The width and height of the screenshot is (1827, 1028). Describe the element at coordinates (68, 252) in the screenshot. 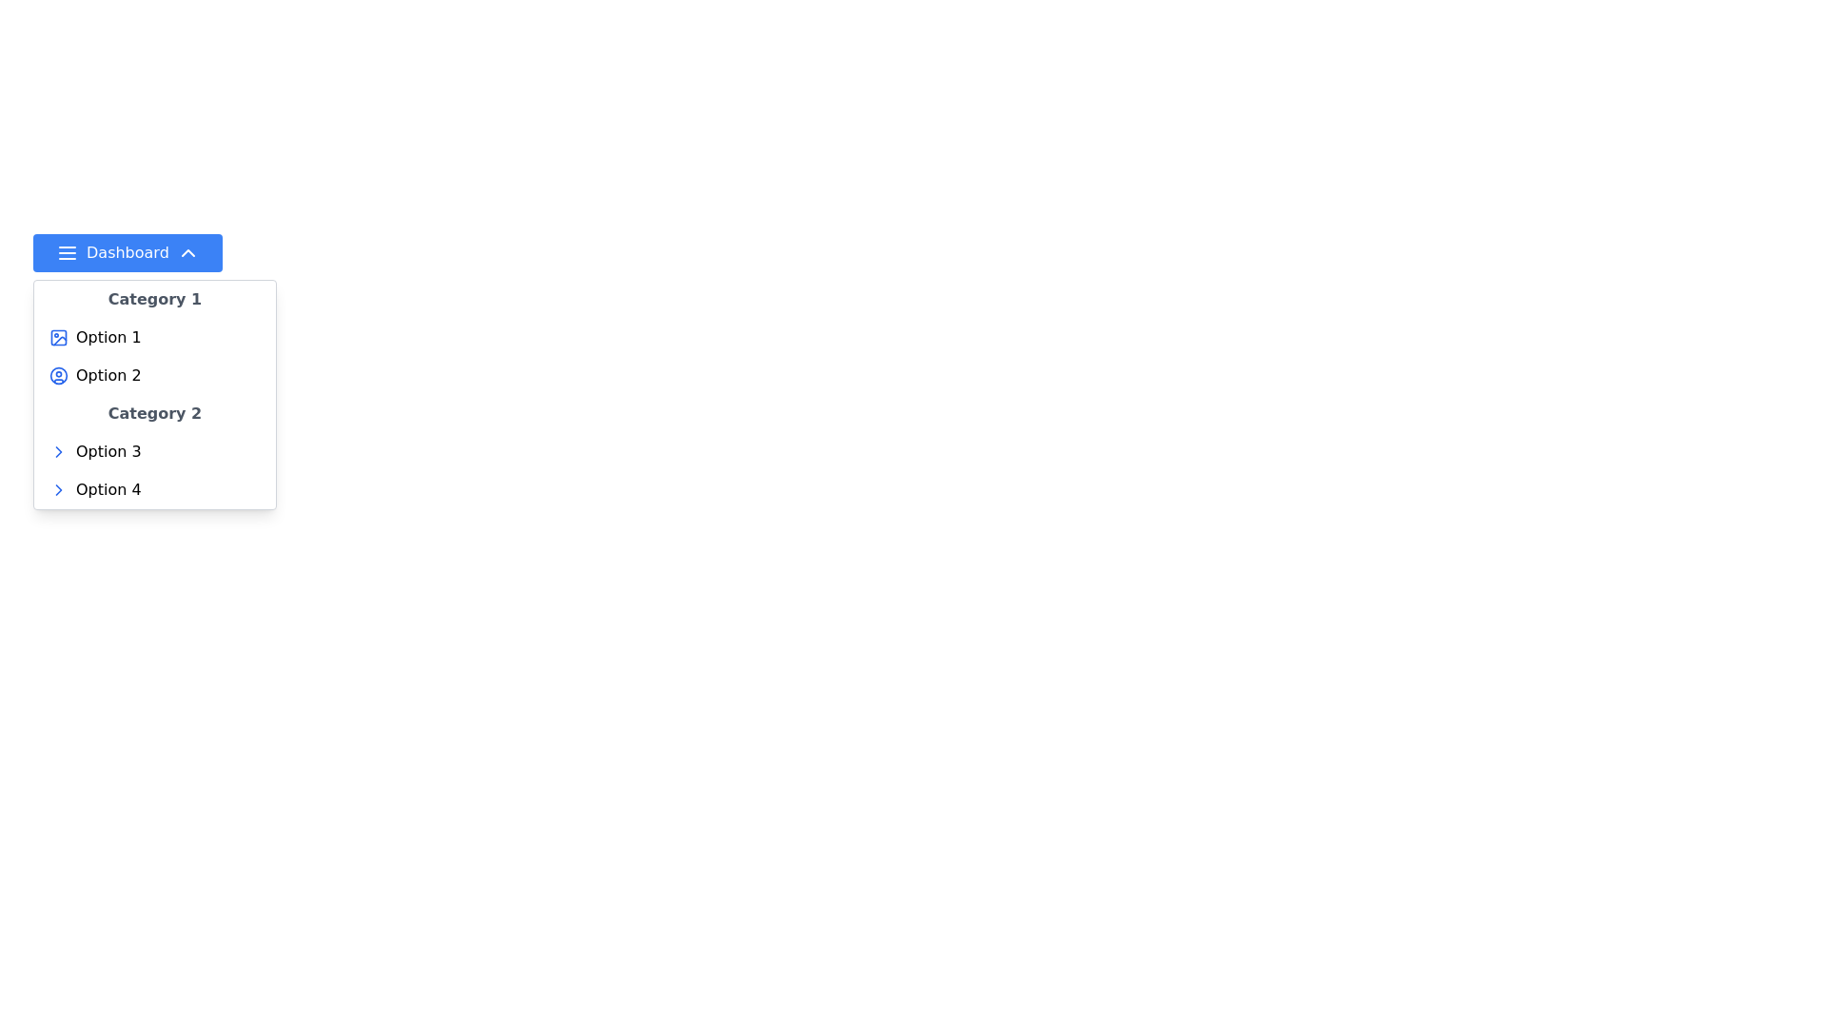

I see `the hamburger menu icon located within the blue 'Dashboard' button, positioned on the top-left side of the interface` at that location.